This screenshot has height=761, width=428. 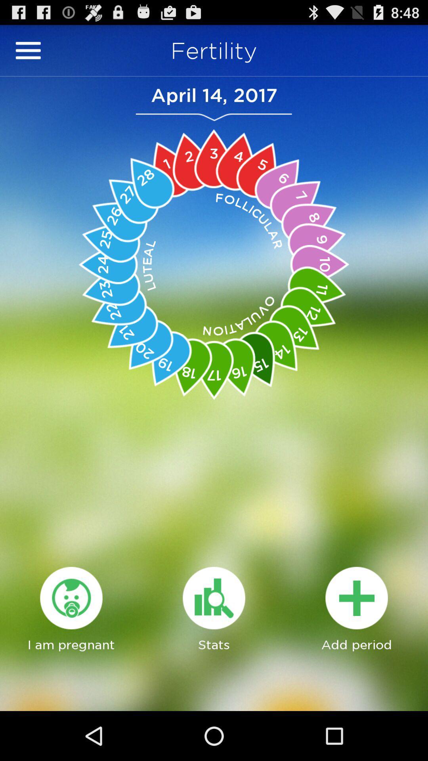 What do you see at coordinates (214, 159) in the screenshot?
I see `option 3 which is red in color` at bounding box center [214, 159].